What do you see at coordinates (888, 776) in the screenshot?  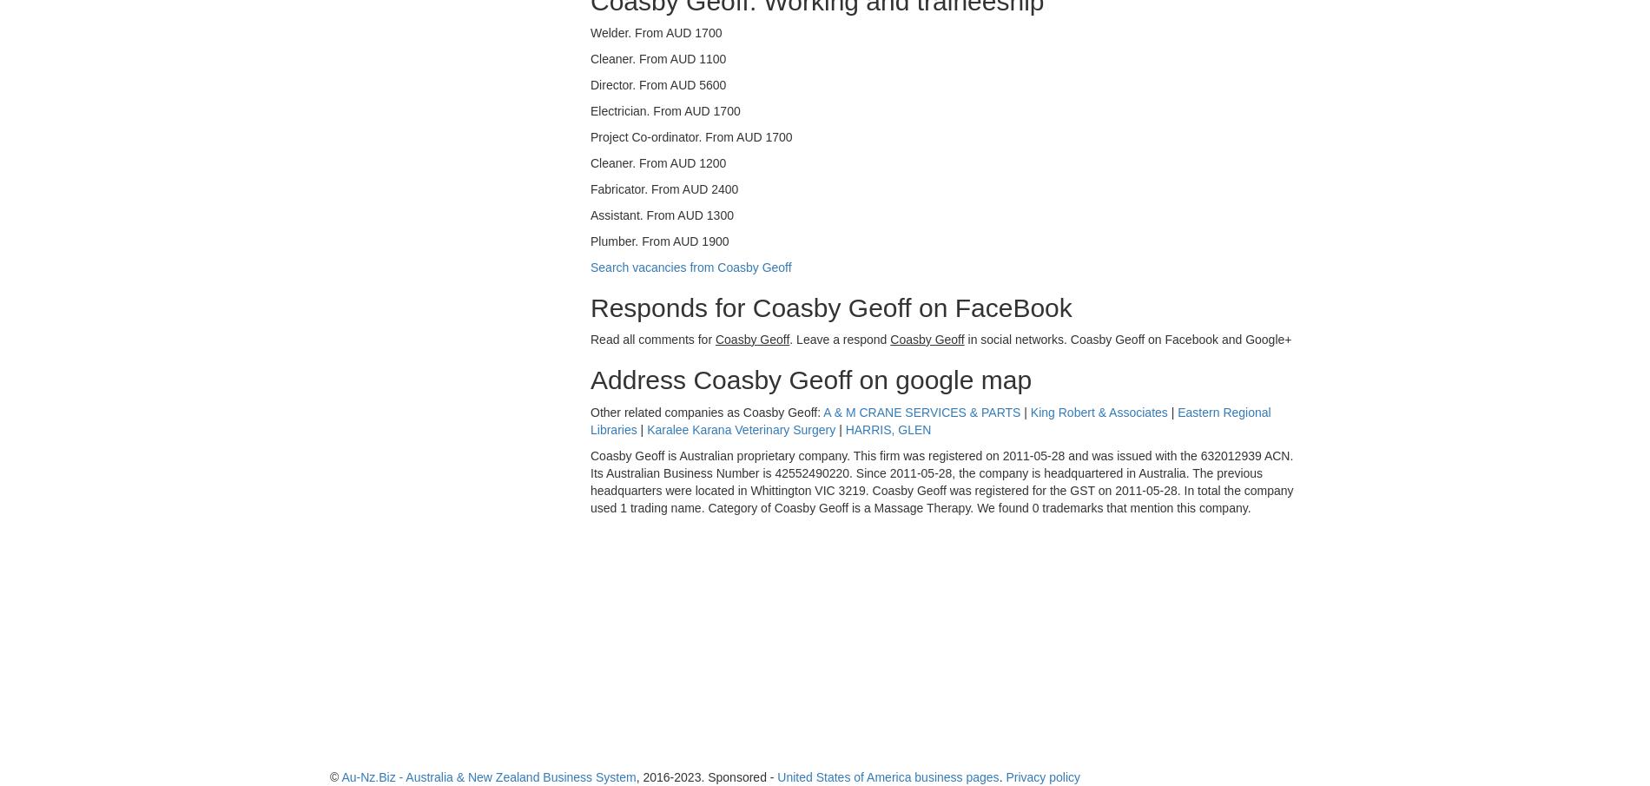 I see `'United States of America business pages'` at bounding box center [888, 776].